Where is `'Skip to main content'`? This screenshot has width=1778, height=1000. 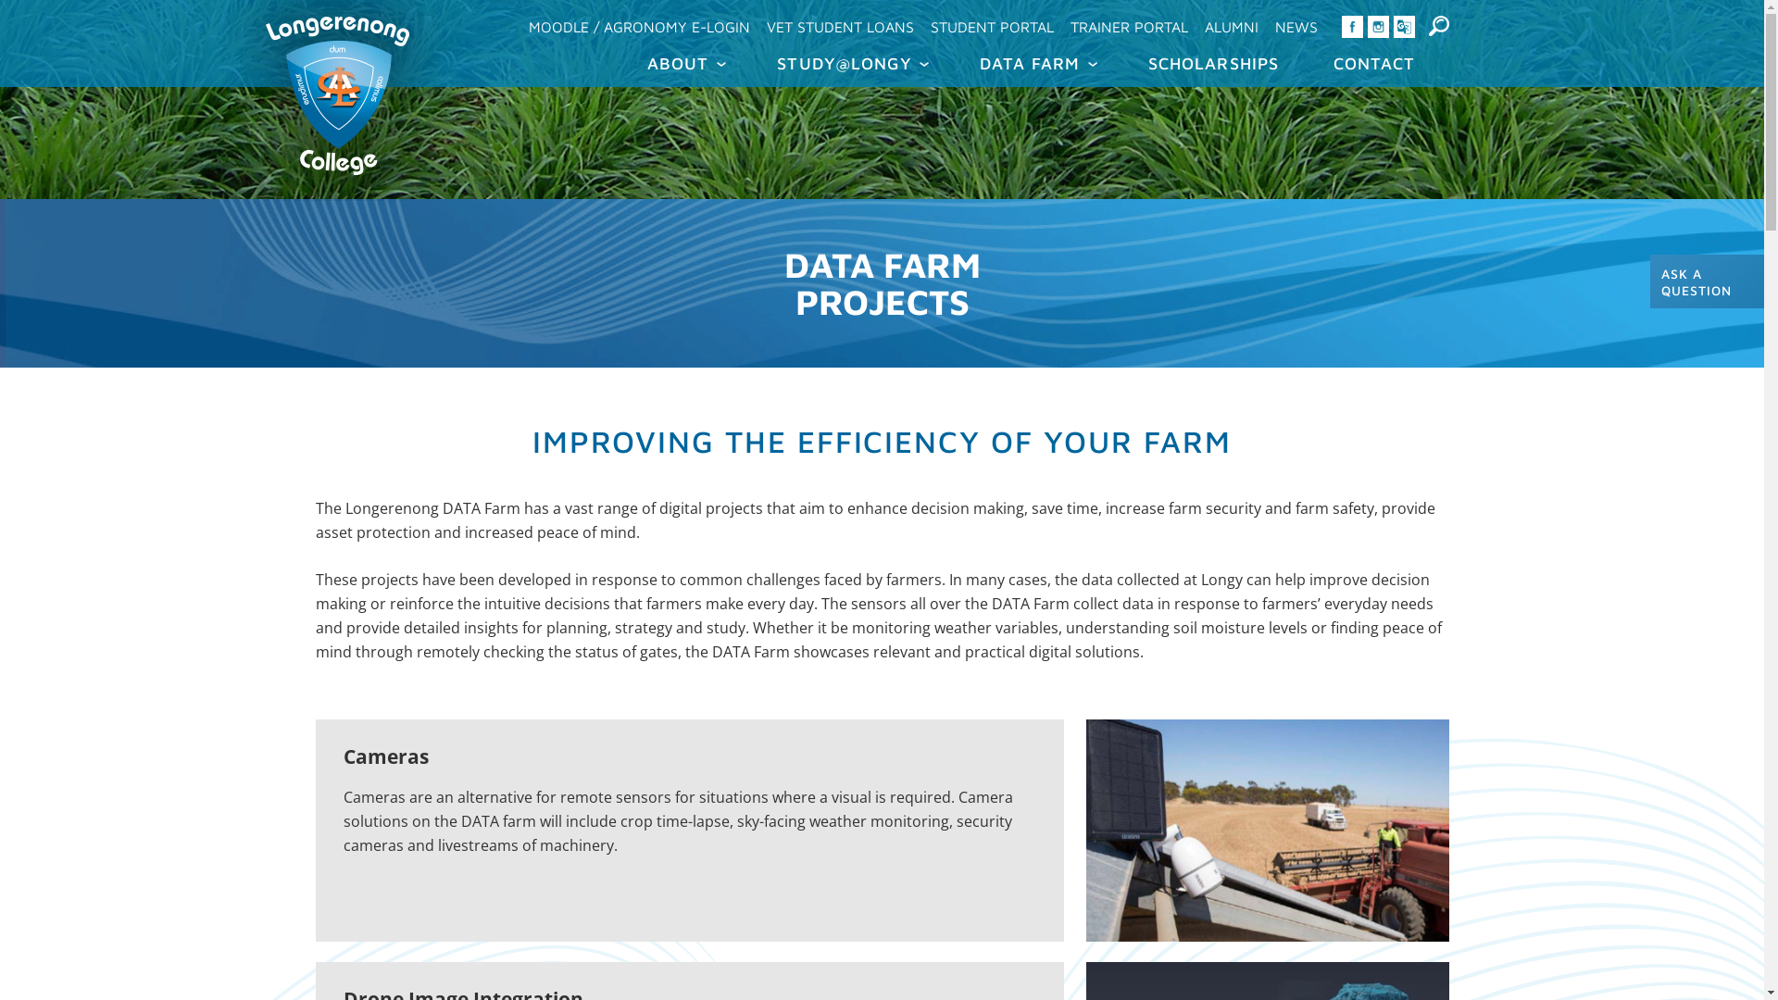 'Skip to main content' is located at coordinates (838, 2).